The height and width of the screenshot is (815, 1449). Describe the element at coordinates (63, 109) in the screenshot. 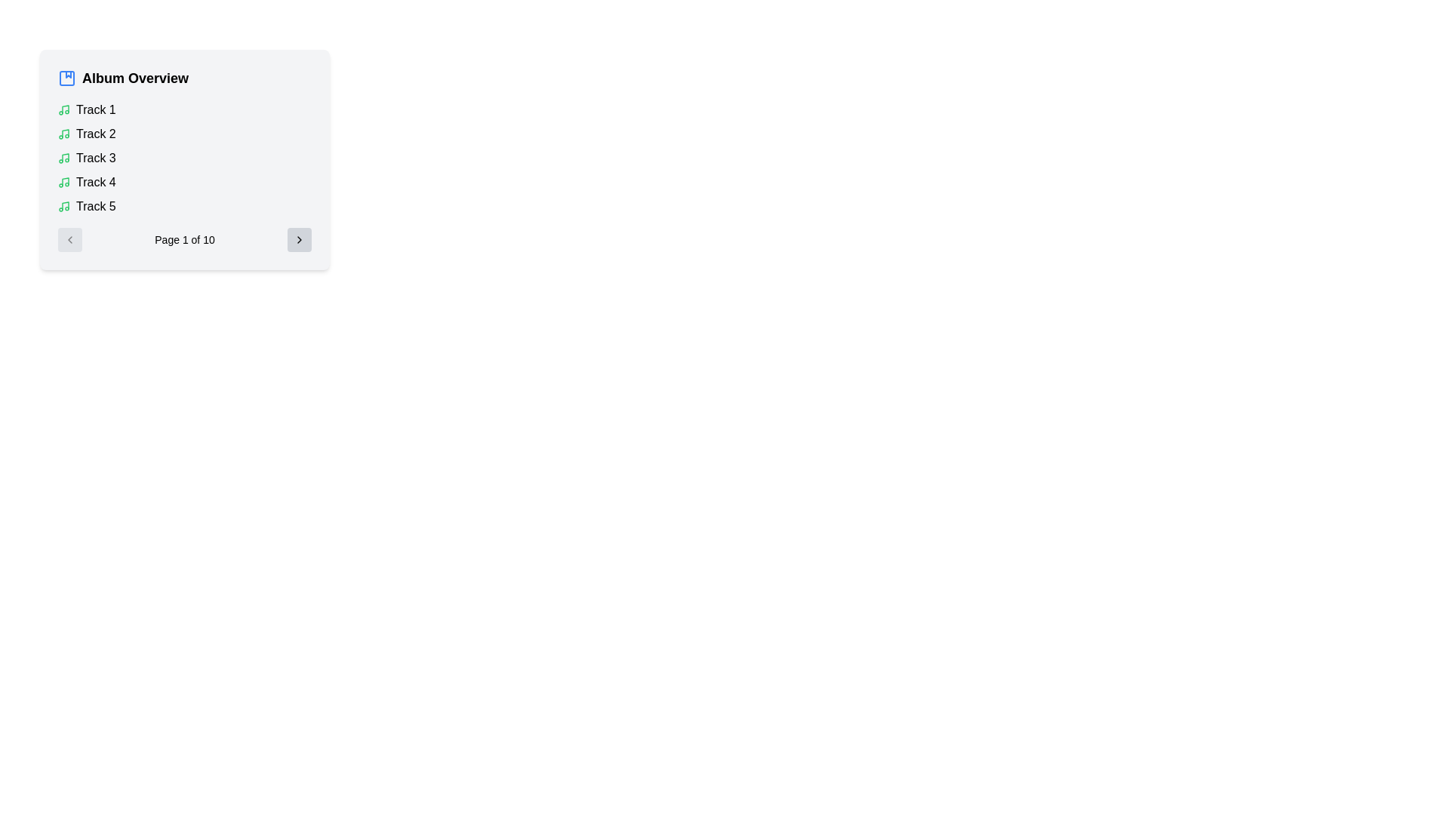

I see `the SVG Icon representing the music track located immediately to the left of 'Track 1' in the 'Album Overview' section` at that location.